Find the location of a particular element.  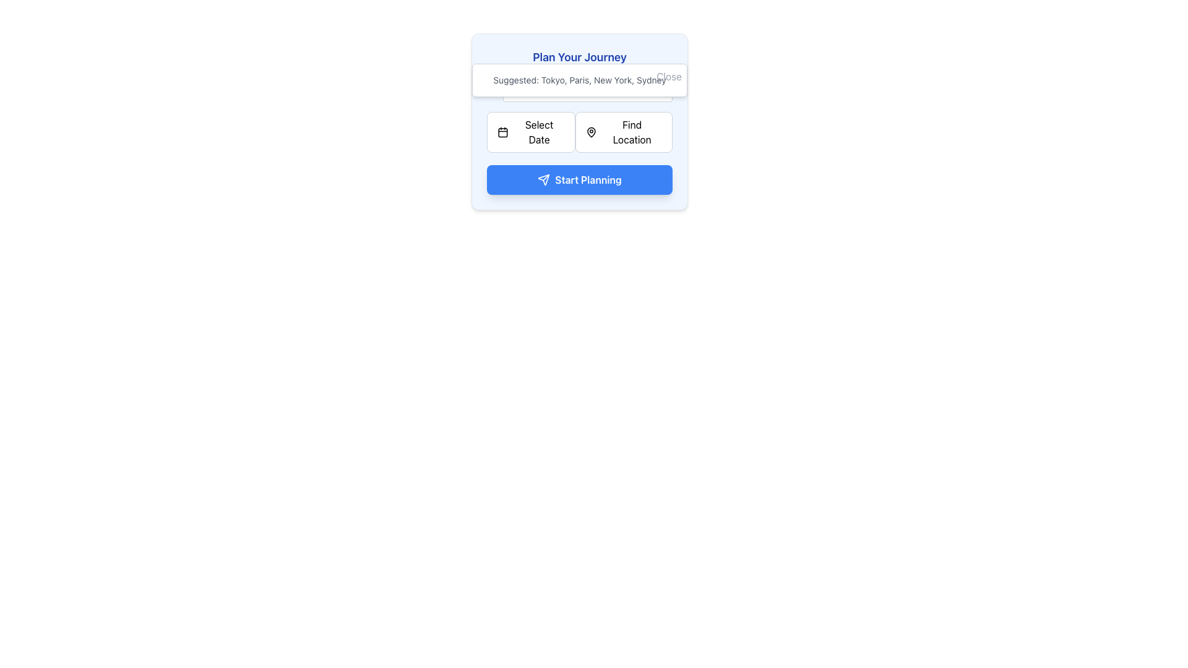

the SVG icon resembling a paper airplane, which is part of the 'Start Planning' button area, to indicate an action related to sending a message or submitting a form is located at coordinates (544, 179).